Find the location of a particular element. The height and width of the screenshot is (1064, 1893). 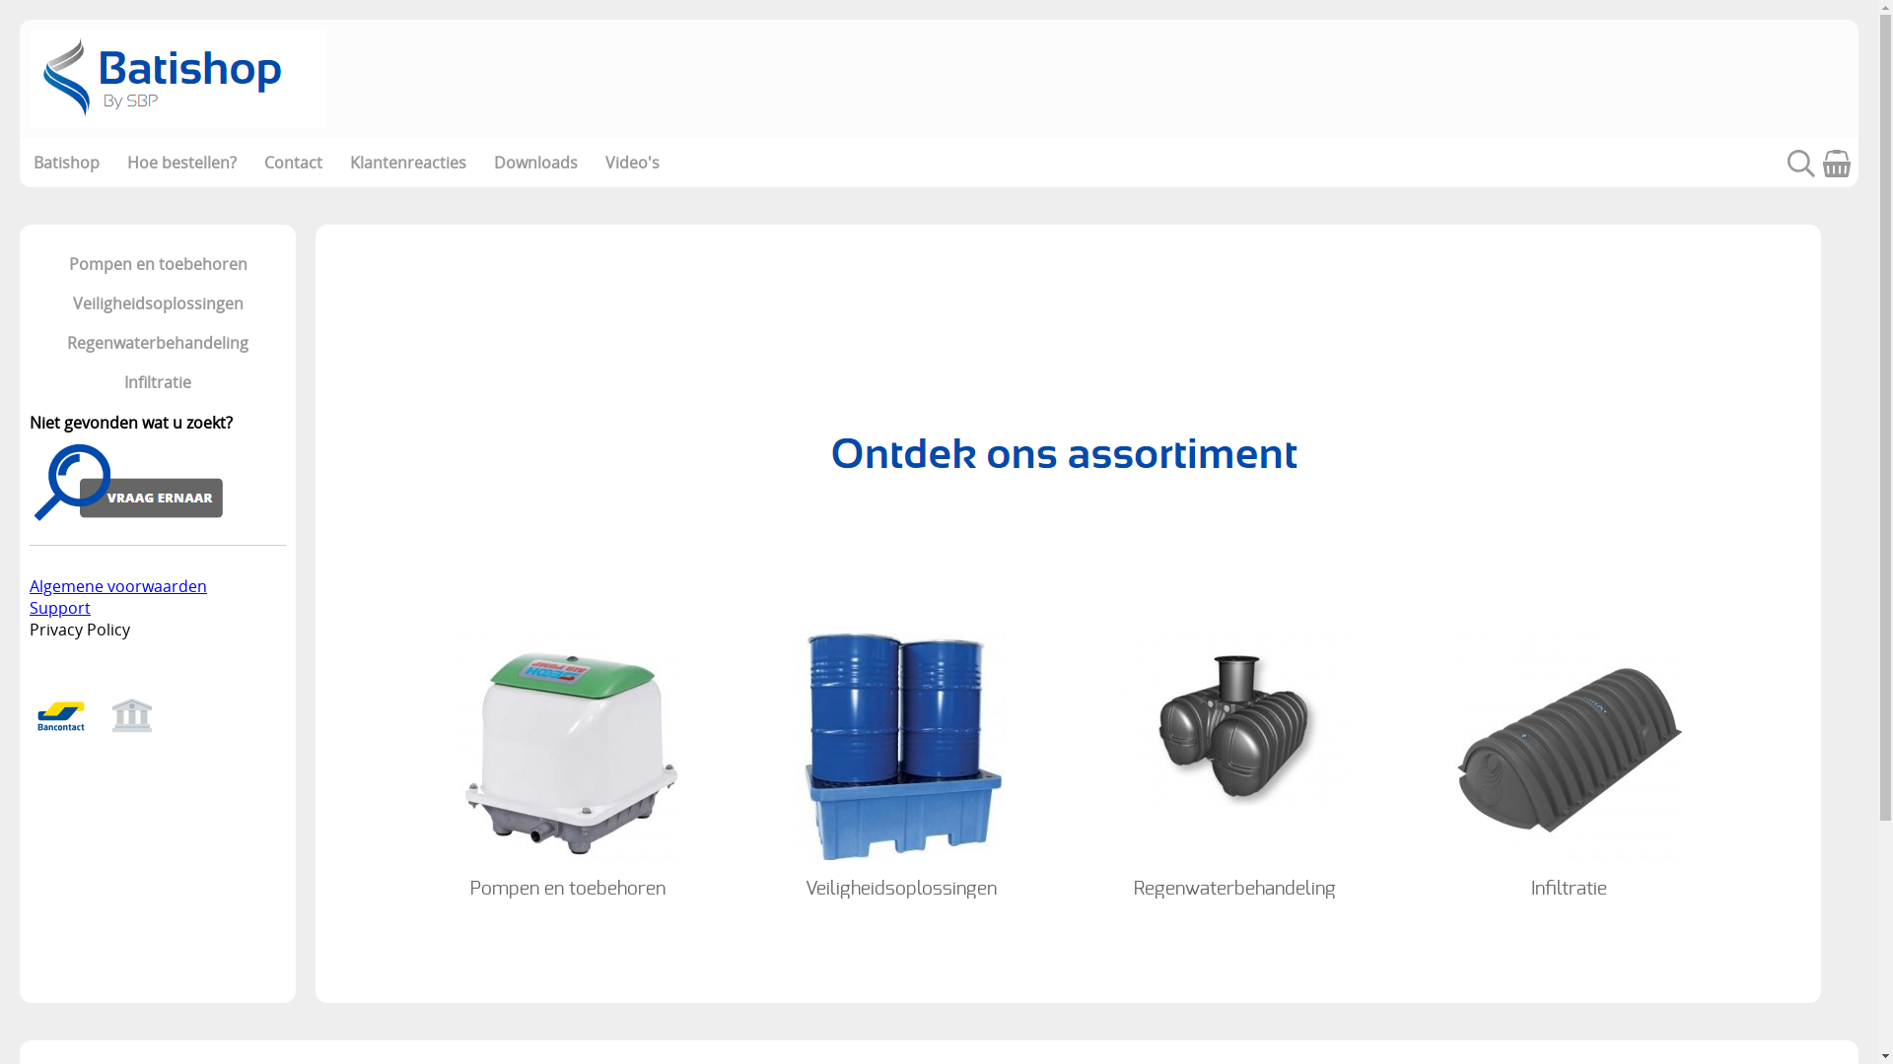

'Regenwaterbehandeling' is located at coordinates (1233, 760).